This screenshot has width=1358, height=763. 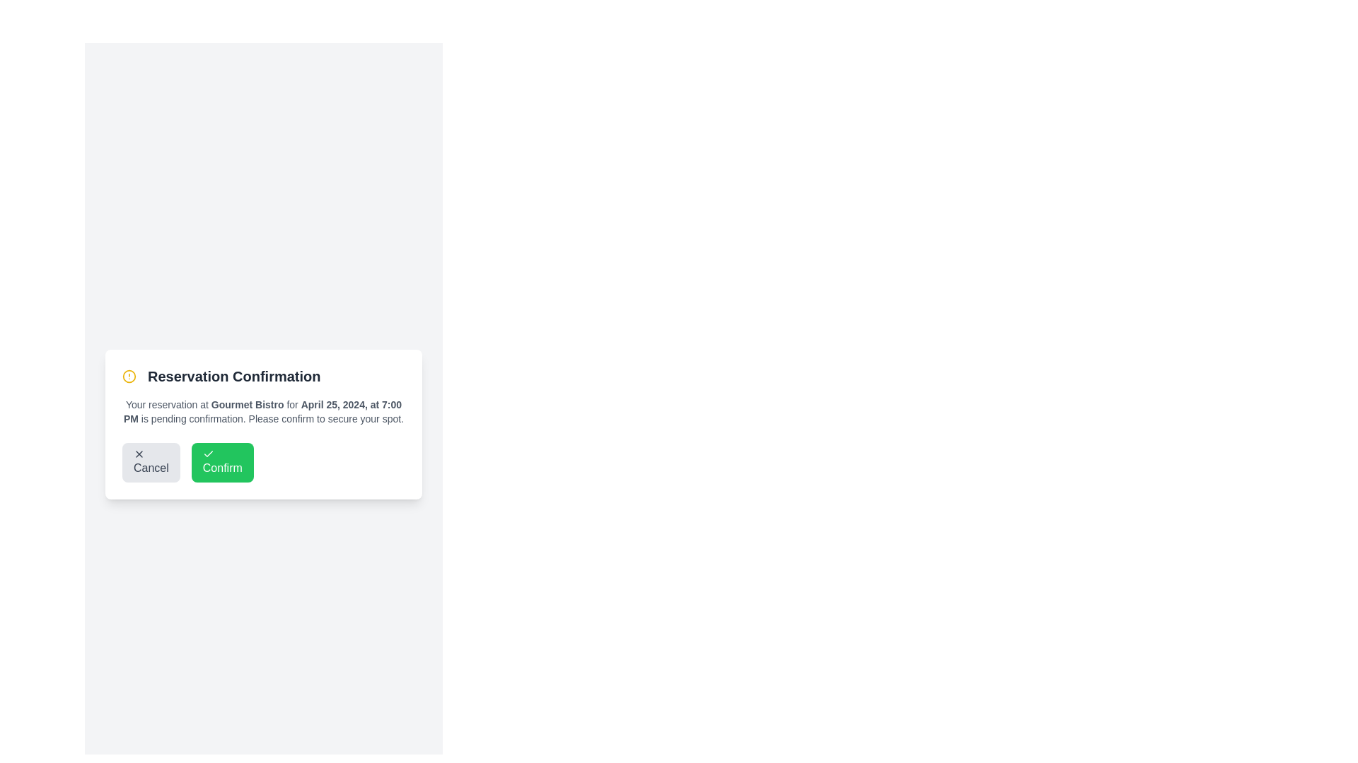 I want to click on the checkmark icon located within the 'Confirm' button, which has a green background and white outline, positioned to the left of the text 'Confirm', so click(x=207, y=454).